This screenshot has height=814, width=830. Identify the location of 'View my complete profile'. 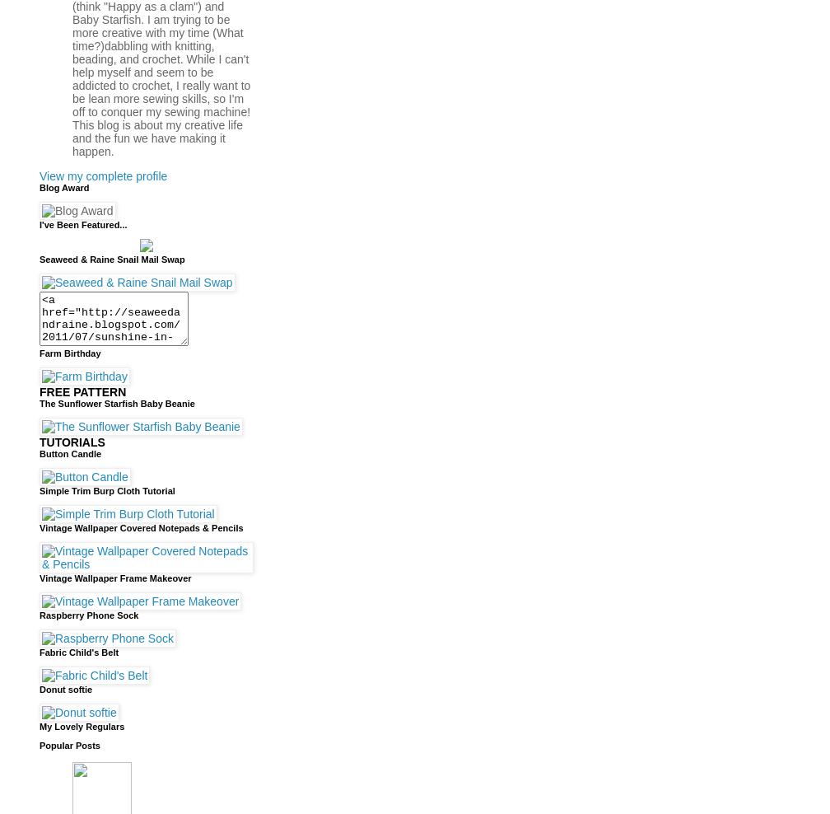
(103, 175).